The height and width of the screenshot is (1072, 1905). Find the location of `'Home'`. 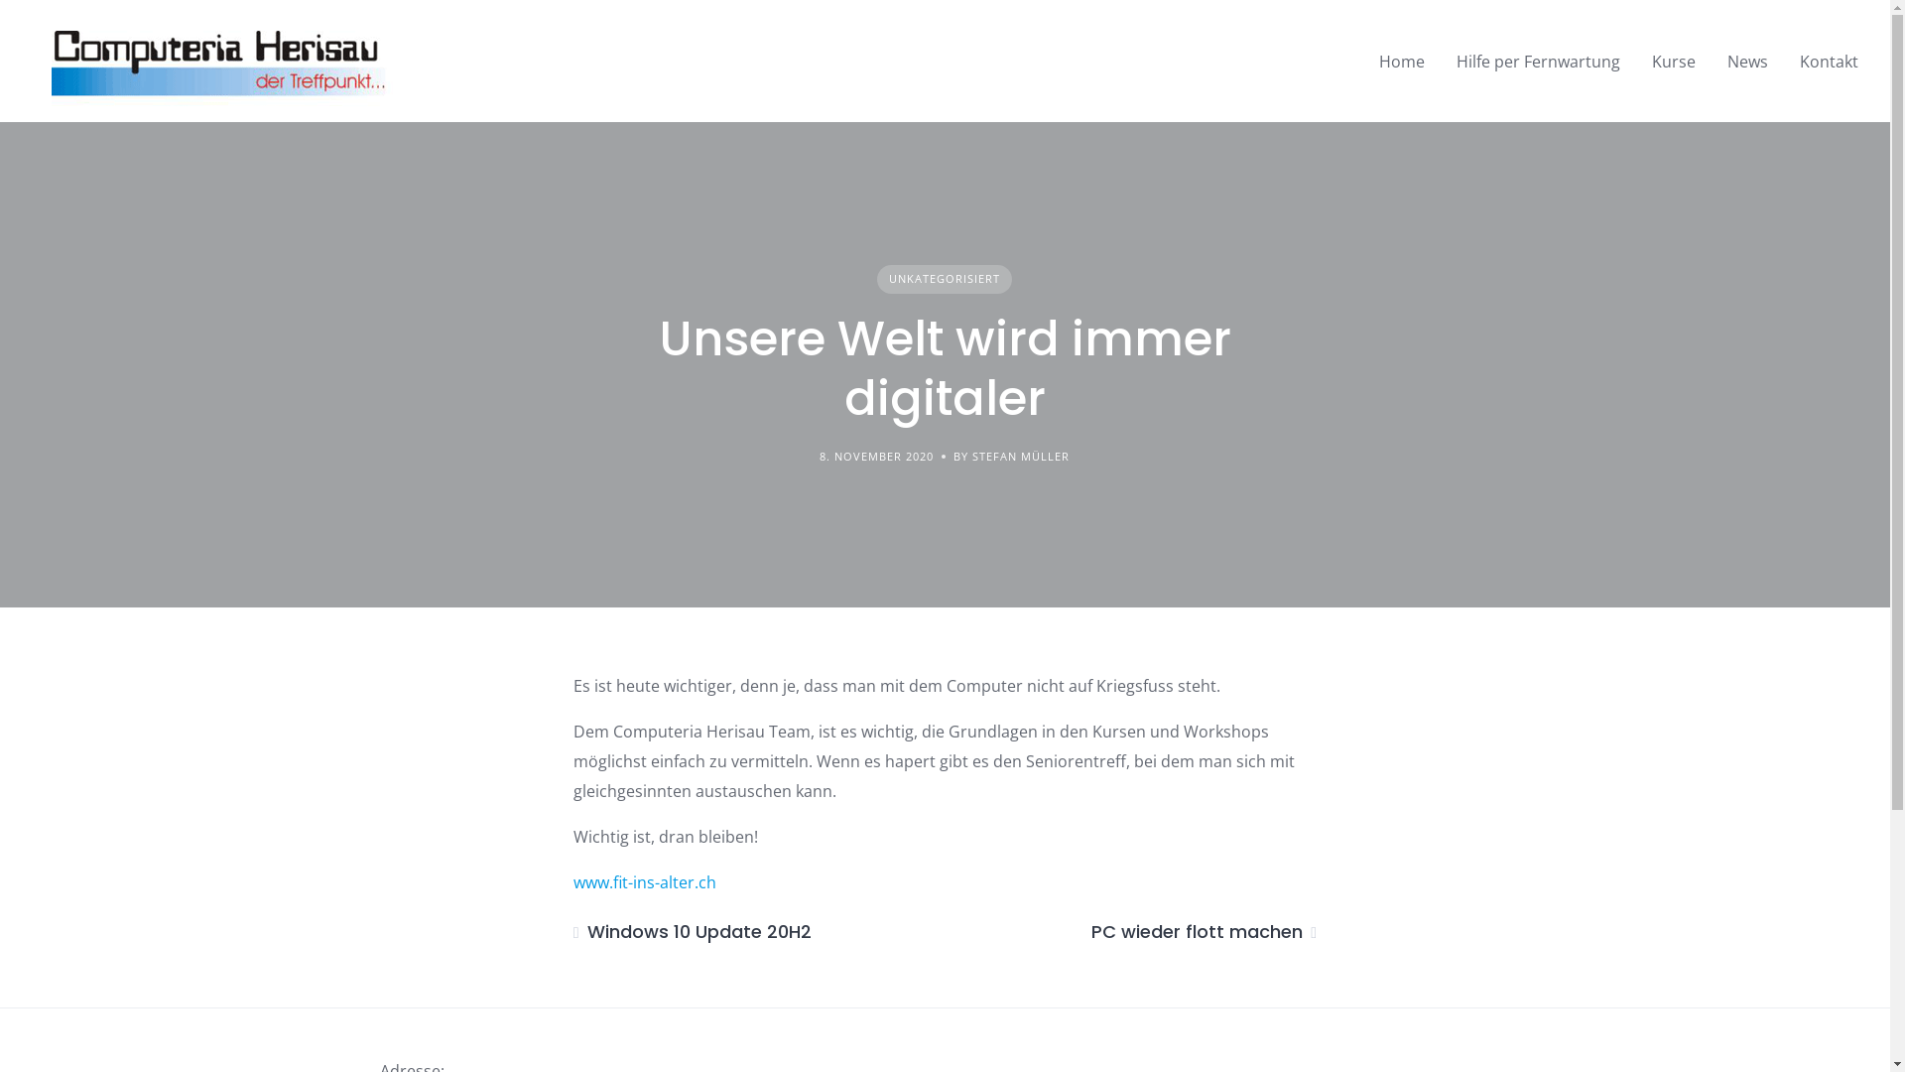

'Home' is located at coordinates (1400, 60).